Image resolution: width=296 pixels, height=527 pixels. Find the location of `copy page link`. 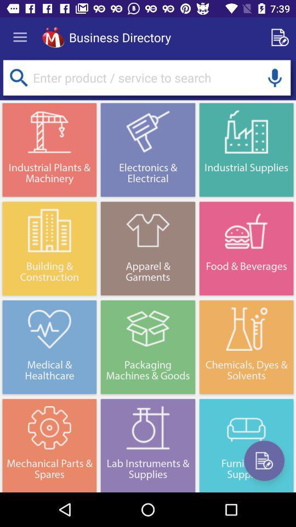

copy page link is located at coordinates (282, 37).